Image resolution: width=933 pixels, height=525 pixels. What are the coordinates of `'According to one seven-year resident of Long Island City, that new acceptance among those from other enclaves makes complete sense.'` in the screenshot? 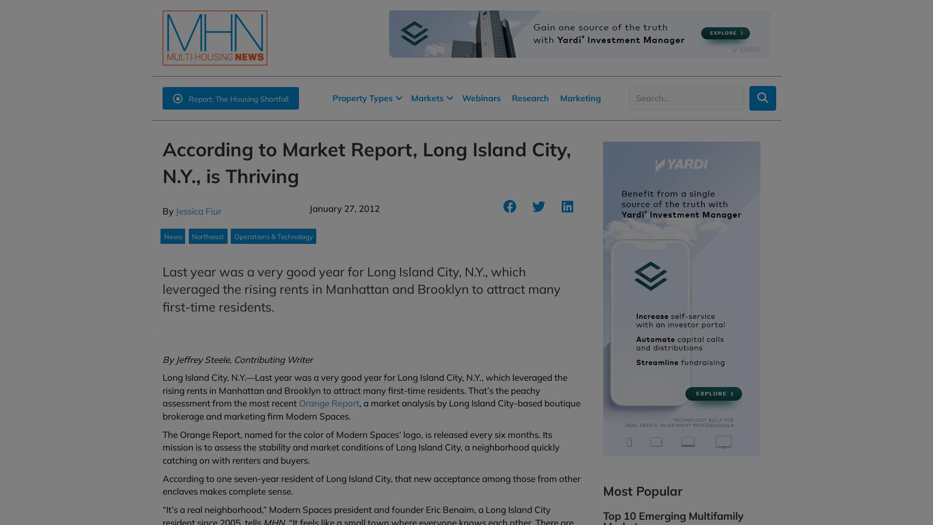 It's located at (371, 485).